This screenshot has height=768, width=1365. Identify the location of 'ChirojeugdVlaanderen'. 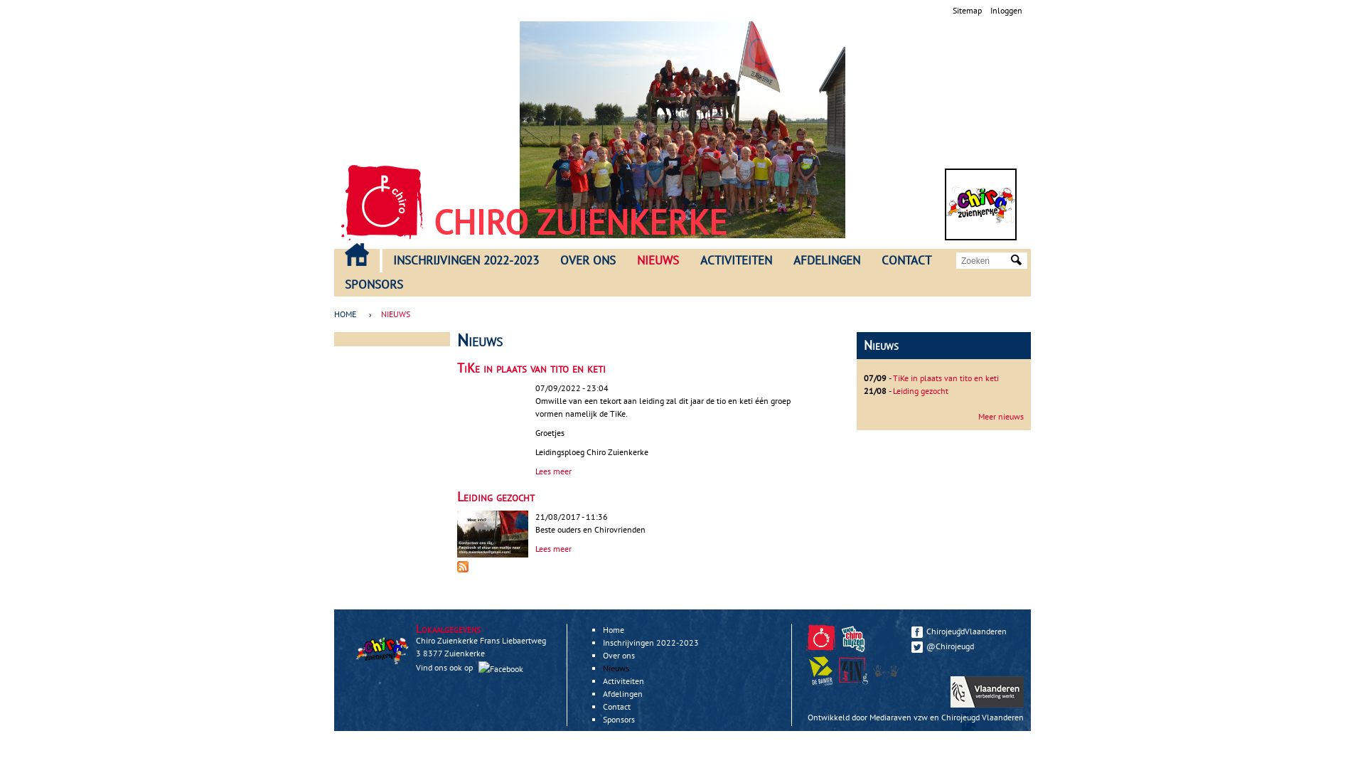
(964, 630).